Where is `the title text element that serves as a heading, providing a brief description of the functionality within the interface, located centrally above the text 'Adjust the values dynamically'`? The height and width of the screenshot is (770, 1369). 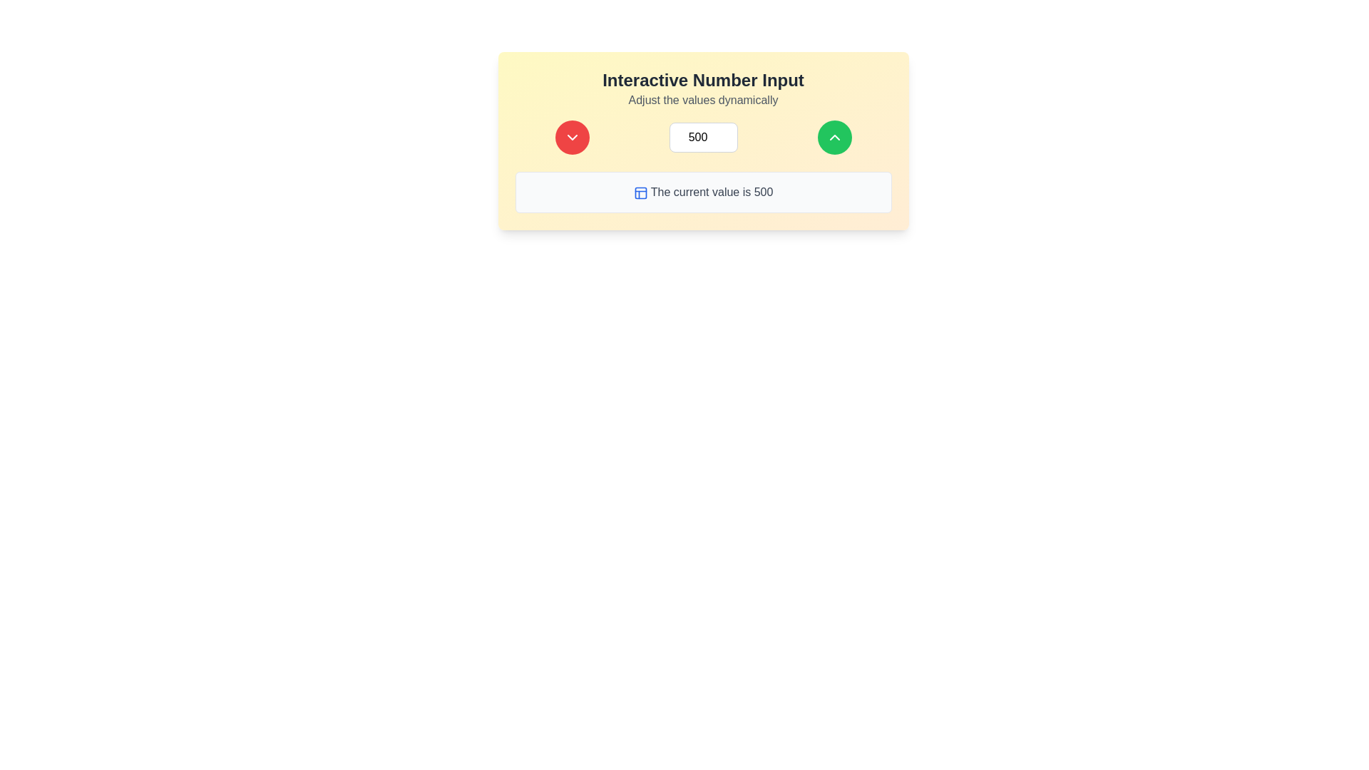 the title text element that serves as a heading, providing a brief description of the functionality within the interface, located centrally above the text 'Adjust the values dynamically' is located at coordinates (703, 80).